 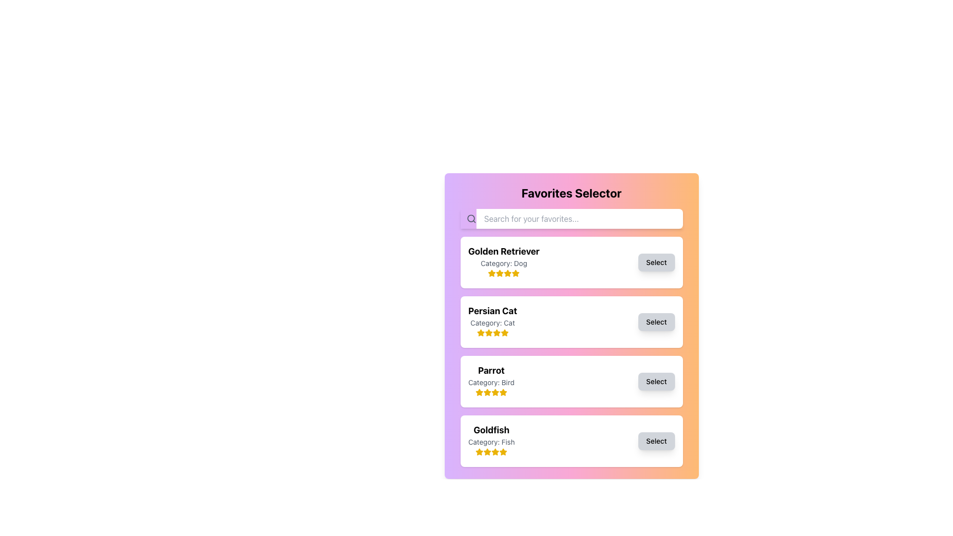 I want to click on the first star icon in the rating system for the 'Persian Cat' category, which is located beneath the 'Persian Cat' title and 'Category: Cat' text, so click(x=480, y=333).